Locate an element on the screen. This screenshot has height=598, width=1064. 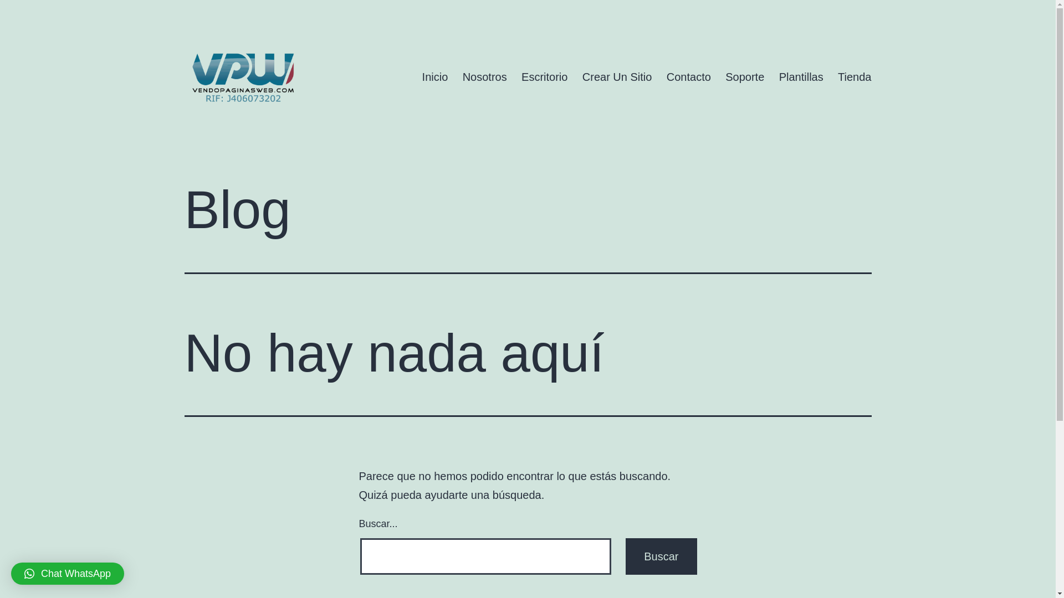
'Plantillas' is located at coordinates (771, 76).